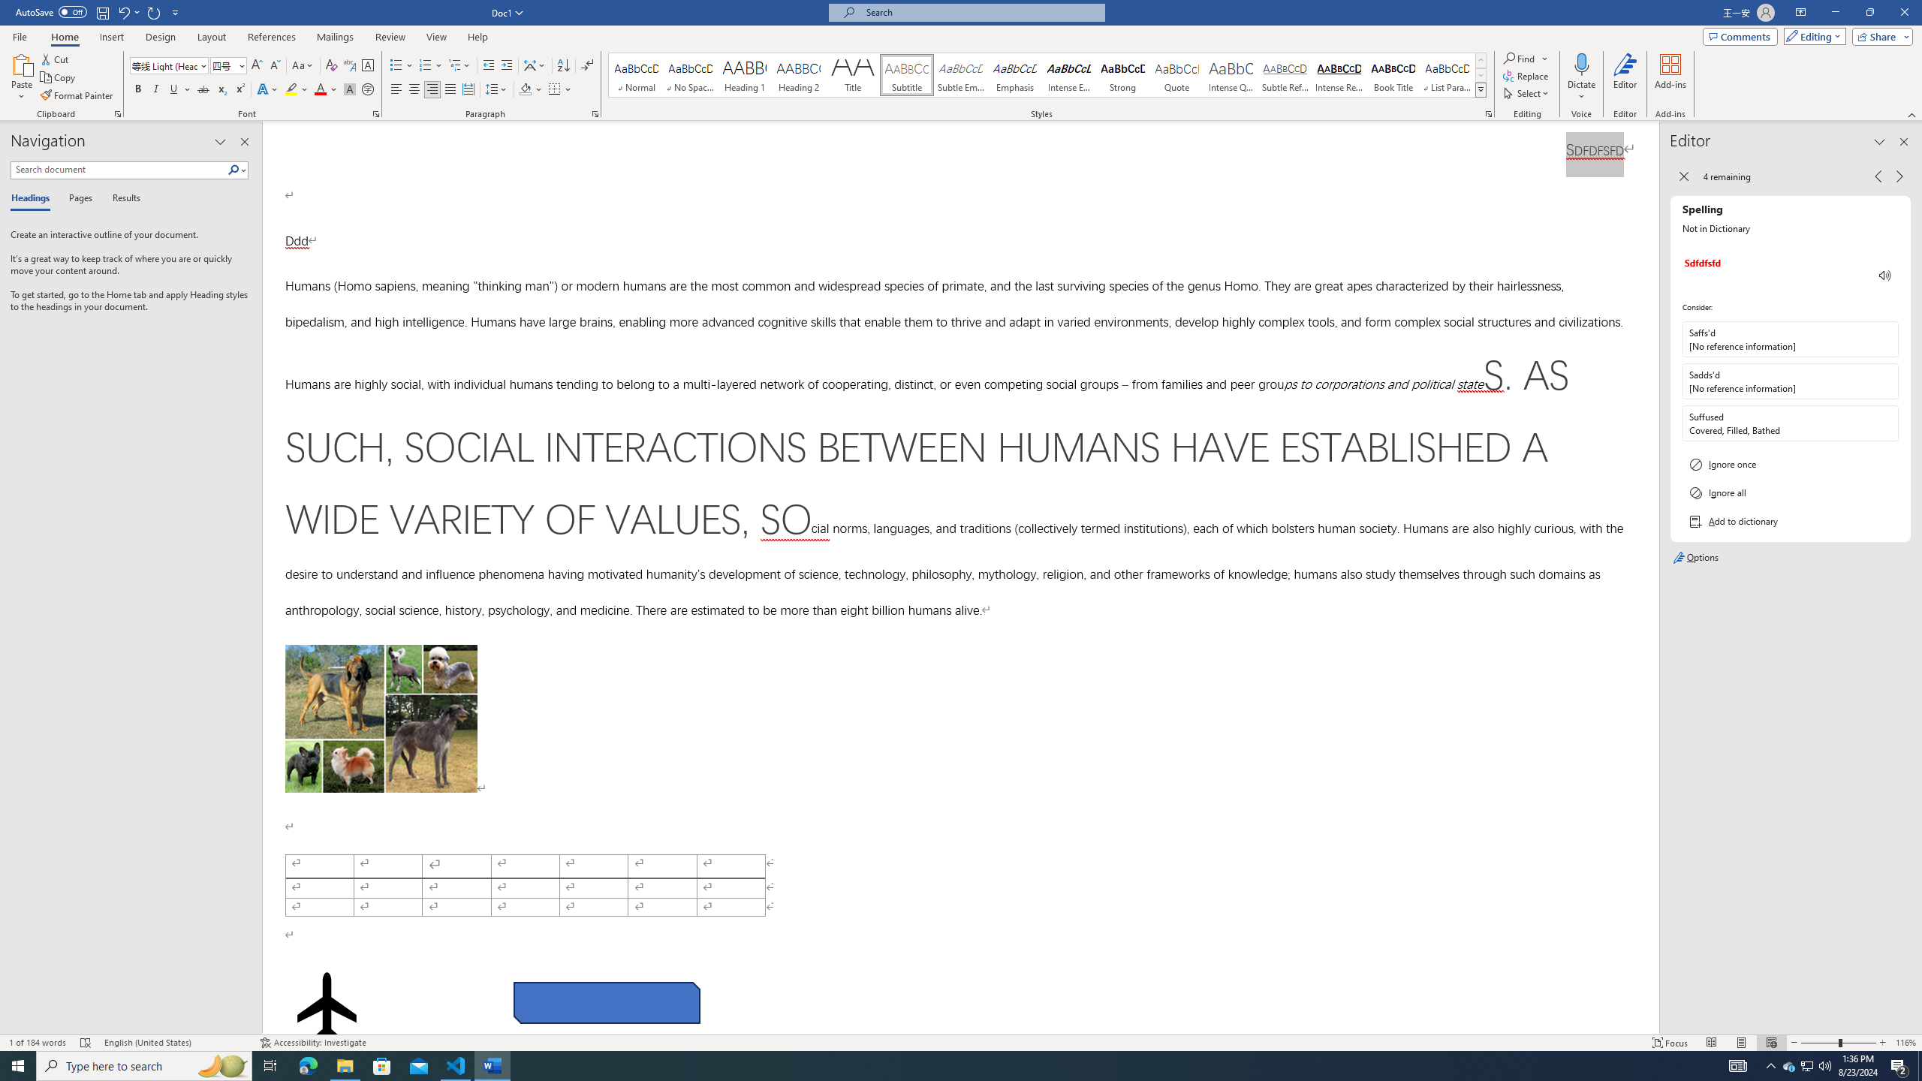 This screenshot has height=1081, width=1922. What do you see at coordinates (489, 65) in the screenshot?
I see `'Decrease Indent'` at bounding box center [489, 65].